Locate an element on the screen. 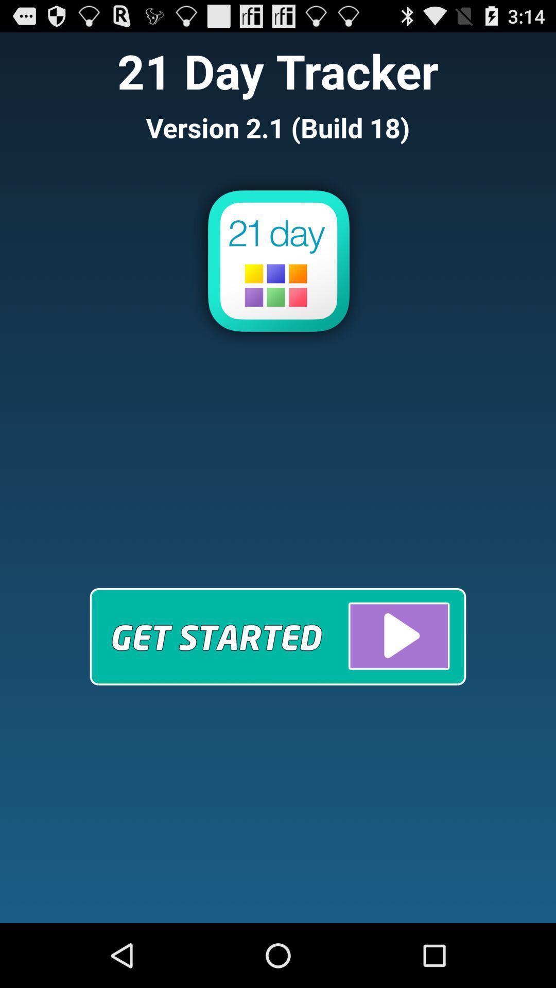  start the app is located at coordinates (278, 636).